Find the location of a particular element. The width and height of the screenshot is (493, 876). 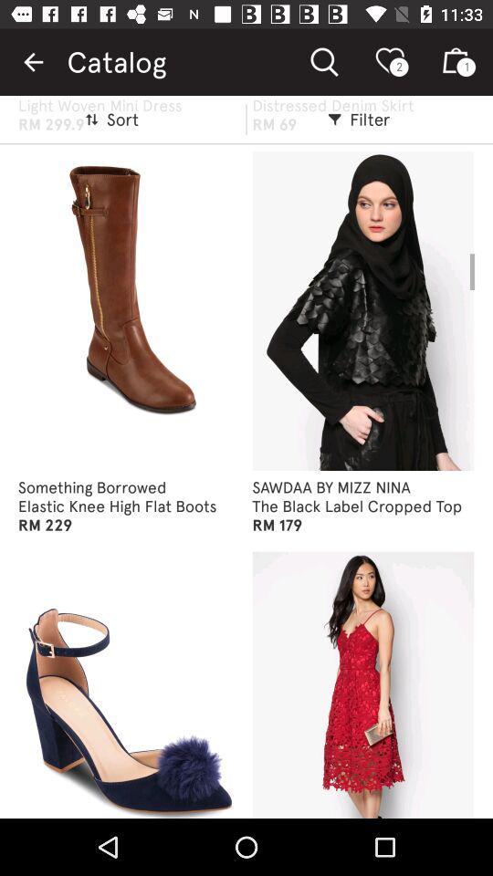

the item above esprit is located at coordinates (33, 62).